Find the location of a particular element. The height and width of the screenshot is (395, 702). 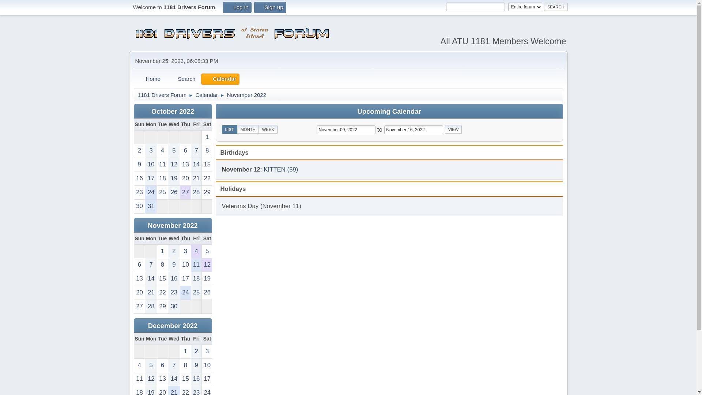

'Calendar' is located at coordinates (201, 79).